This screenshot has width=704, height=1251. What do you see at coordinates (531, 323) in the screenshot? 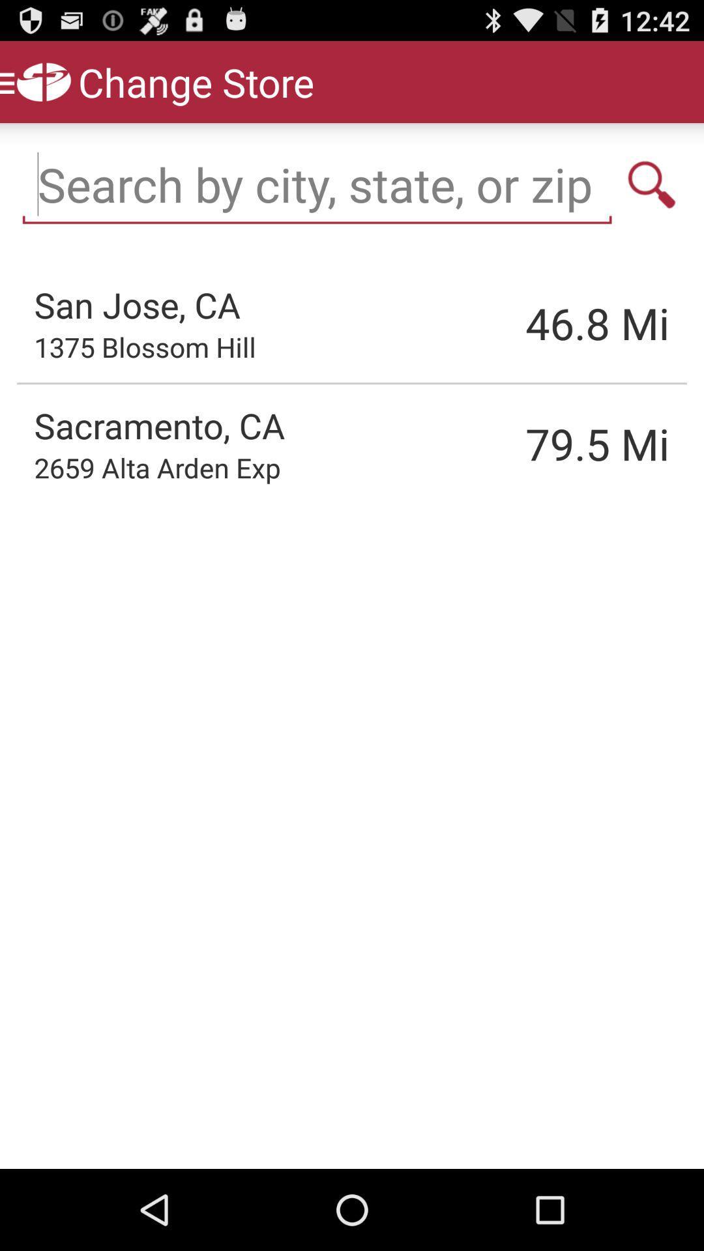
I see `item above the 79.5` at bounding box center [531, 323].